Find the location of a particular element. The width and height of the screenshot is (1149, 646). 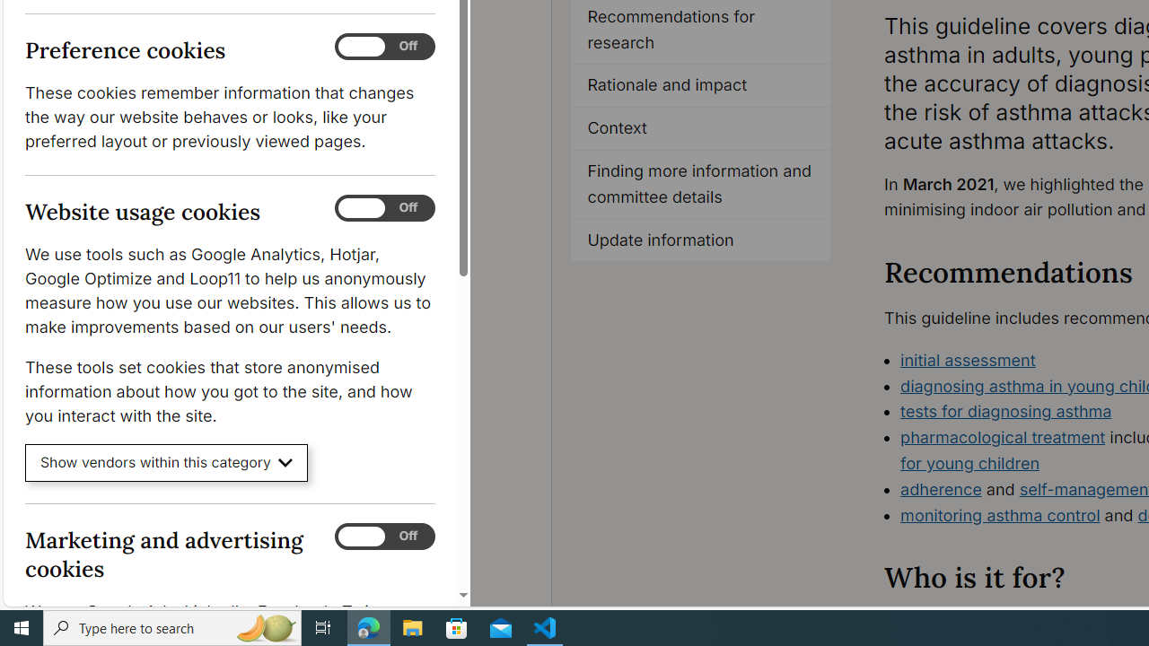

'for young children' is located at coordinates (969, 461).